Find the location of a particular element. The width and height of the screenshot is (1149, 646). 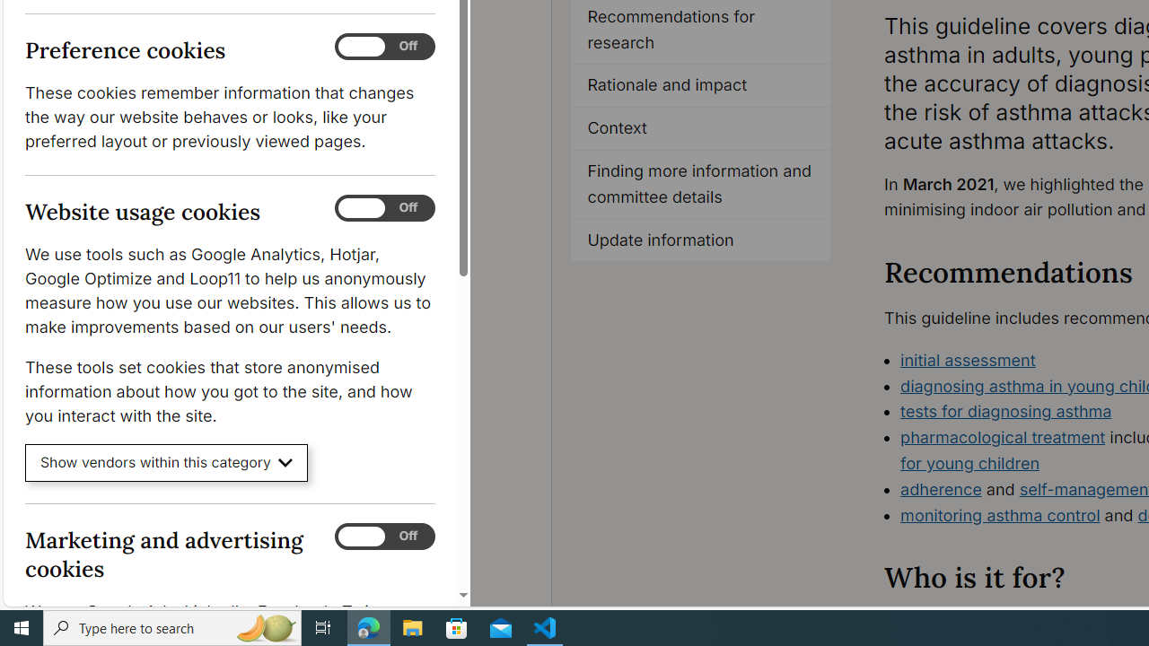

'for young children' is located at coordinates (969, 461).